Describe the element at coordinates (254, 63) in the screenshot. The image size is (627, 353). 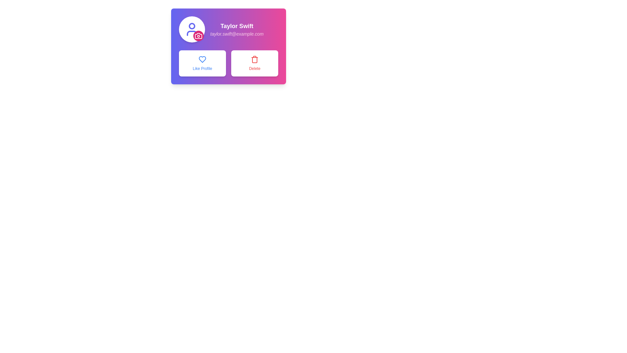
I see `the 'Delete' button, which has a white background, red text, and a trash can icon above the text, located on the right side of the layout` at that location.